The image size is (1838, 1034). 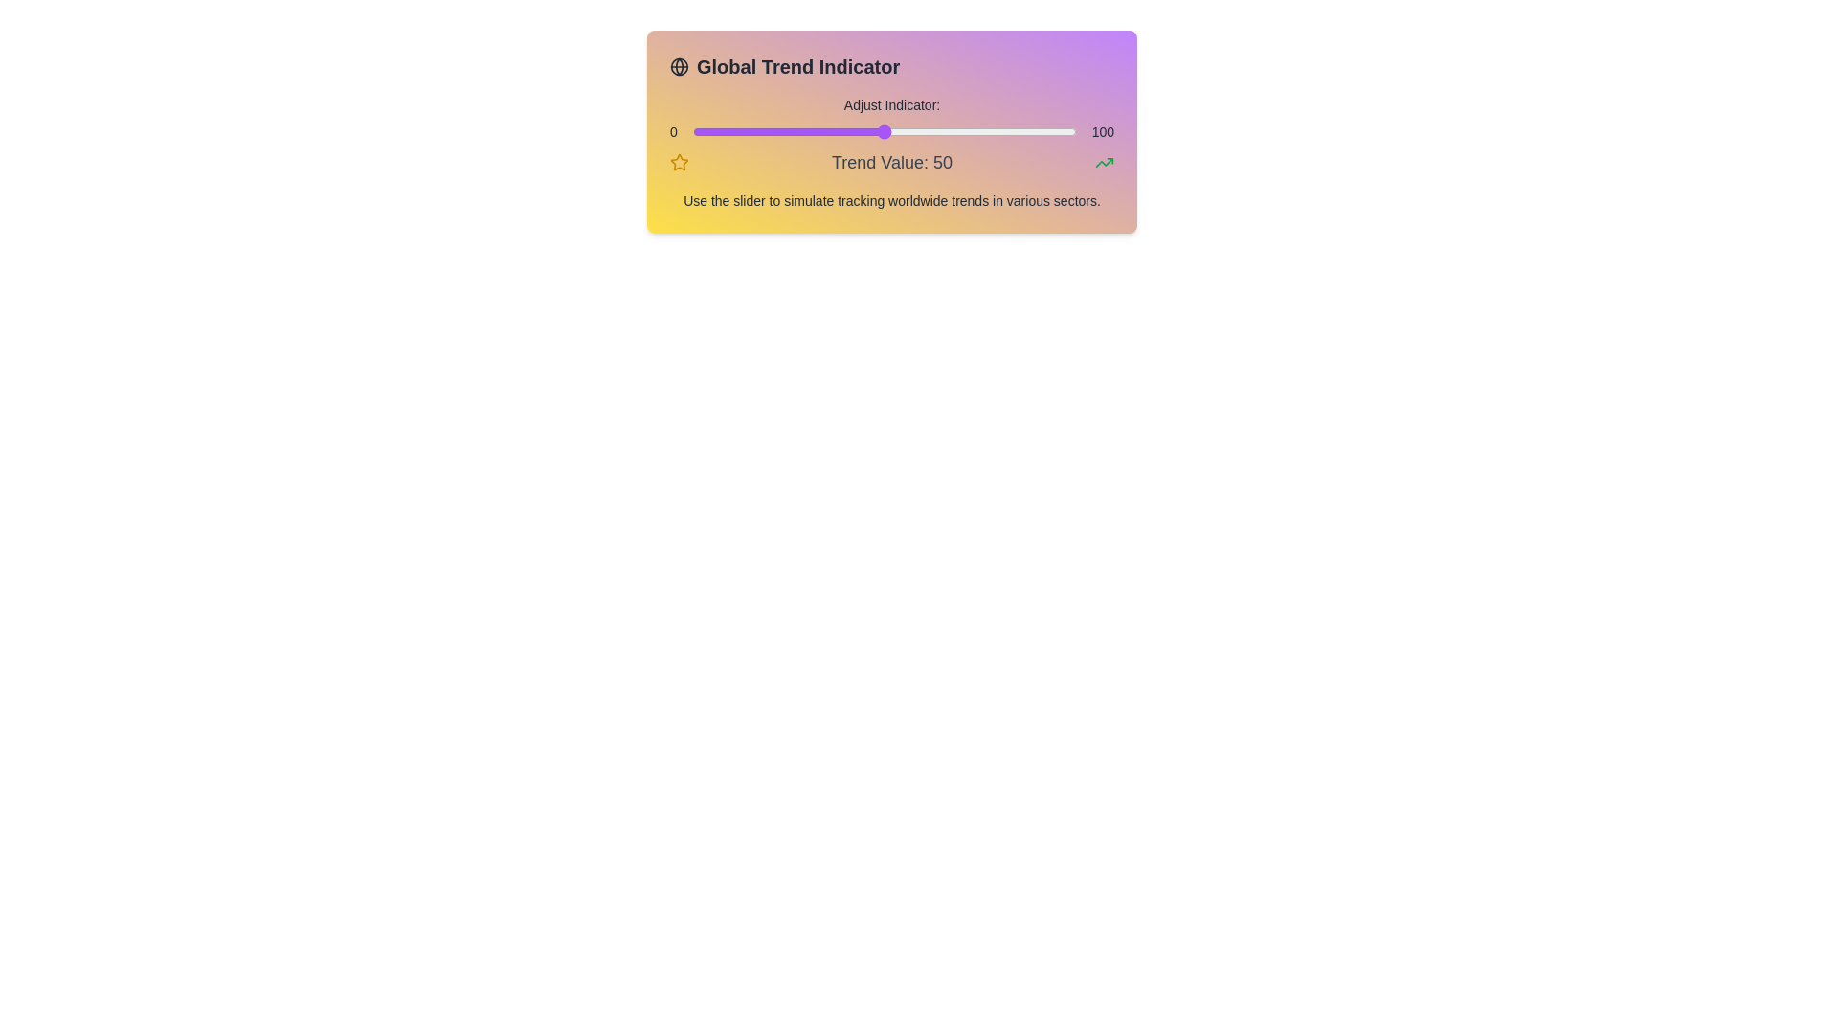 What do you see at coordinates (703, 131) in the screenshot?
I see `the slider to set the value to 3` at bounding box center [703, 131].